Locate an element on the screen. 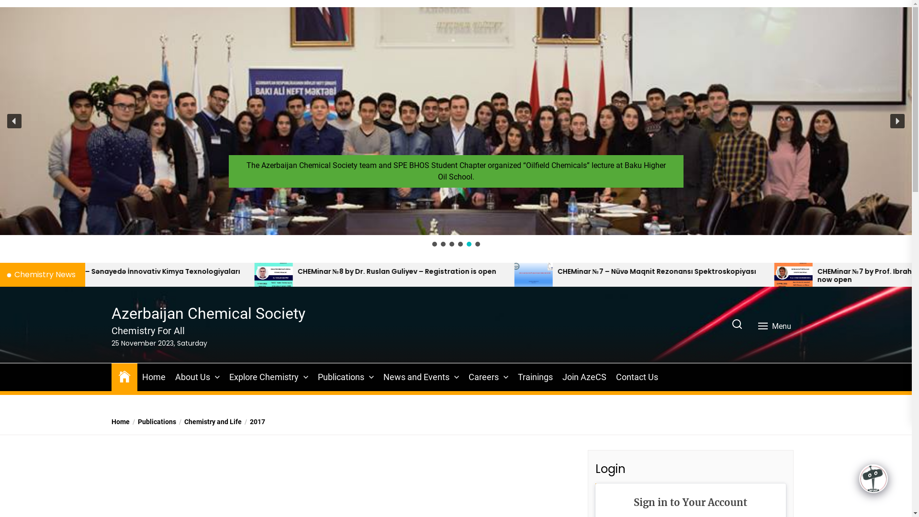 The image size is (919, 517). 'Chemistry and Life' is located at coordinates (208, 421).